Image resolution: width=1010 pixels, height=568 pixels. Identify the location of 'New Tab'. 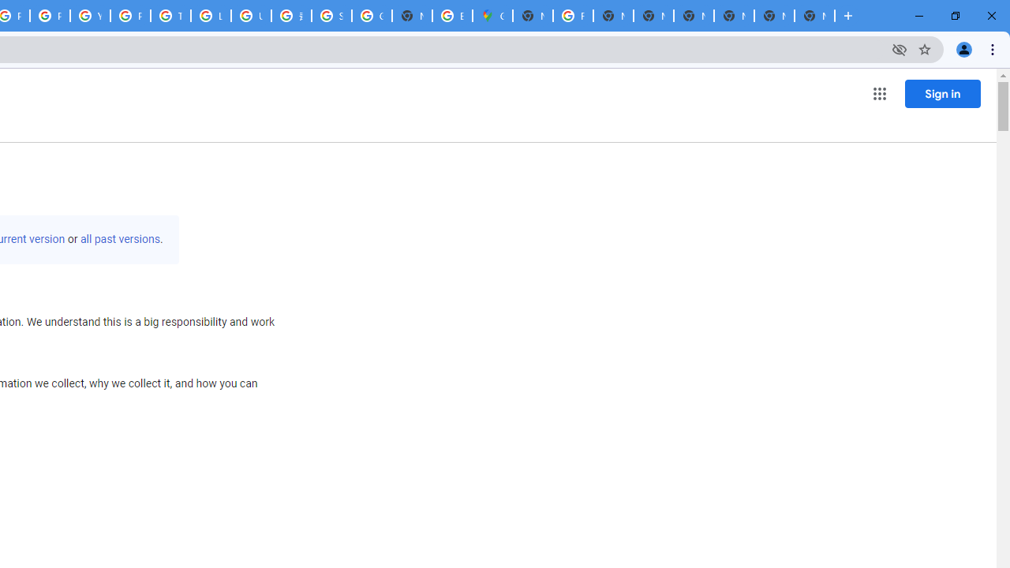
(814, 16).